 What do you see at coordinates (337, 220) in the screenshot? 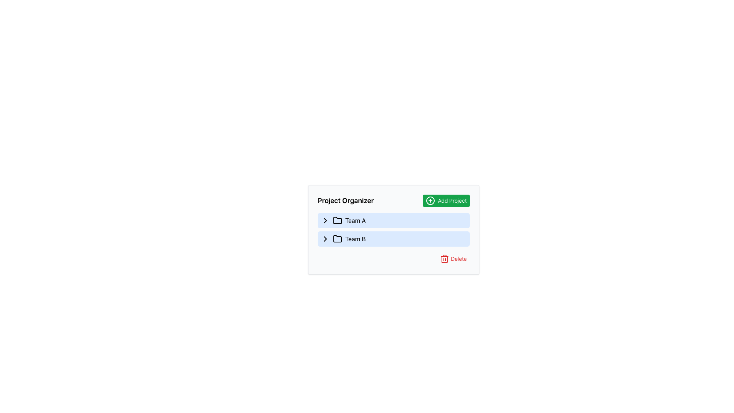
I see `the folder icon located to the left of the text label 'Team A' in the sidebar interface` at bounding box center [337, 220].